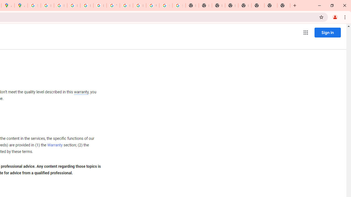  Describe the element at coordinates (55, 145) in the screenshot. I see `'Warranty'` at that location.